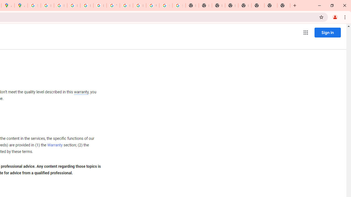  Describe the element at coordinates (55, 145) in the screenshot. I see `'Warranty'` at that location.